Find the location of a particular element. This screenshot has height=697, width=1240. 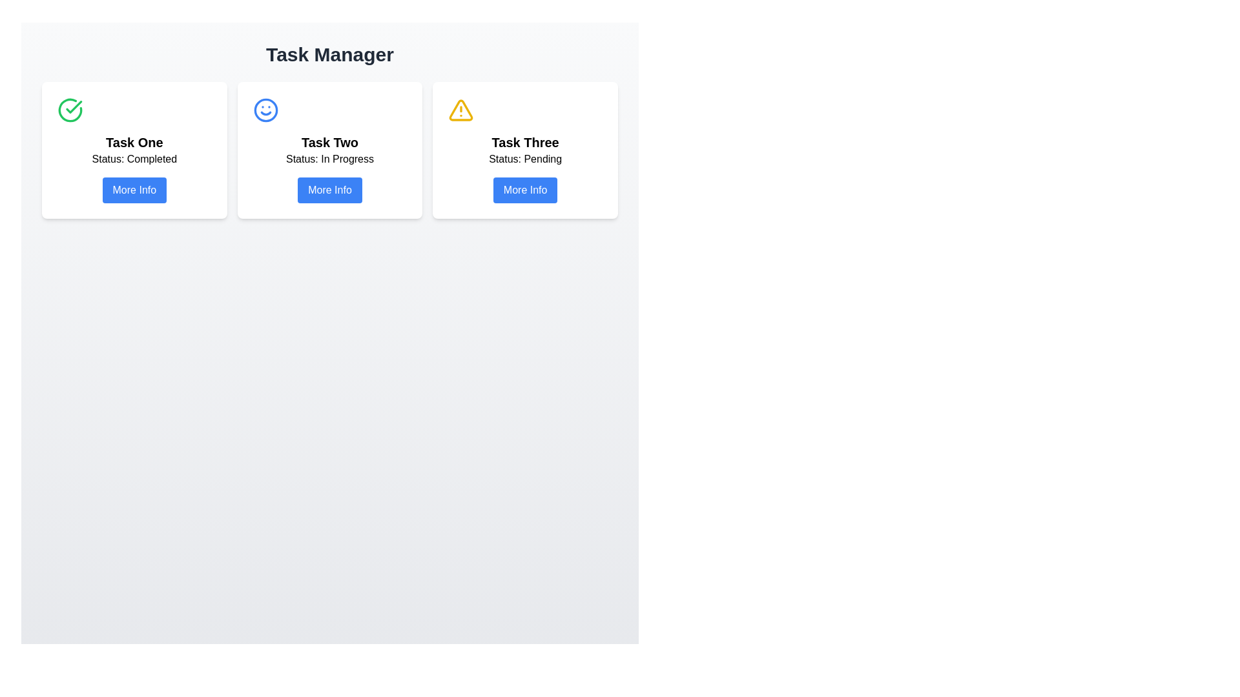

the text label or heading that describes the task in the center card, positioned below the icon and above the status text is located at coordinates (329, 142).